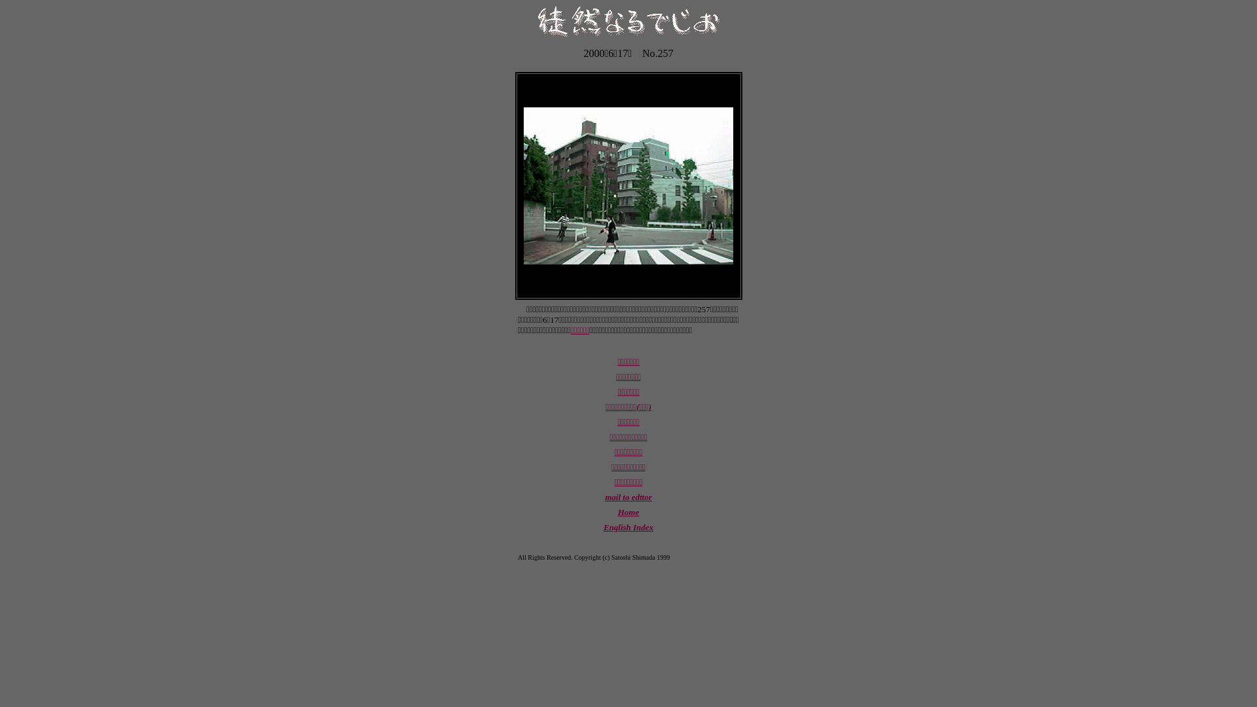 The image size is (1257, 707). Describe the element at coordinates (628, 511) in the screenshot. I see `'Home'` at that location.